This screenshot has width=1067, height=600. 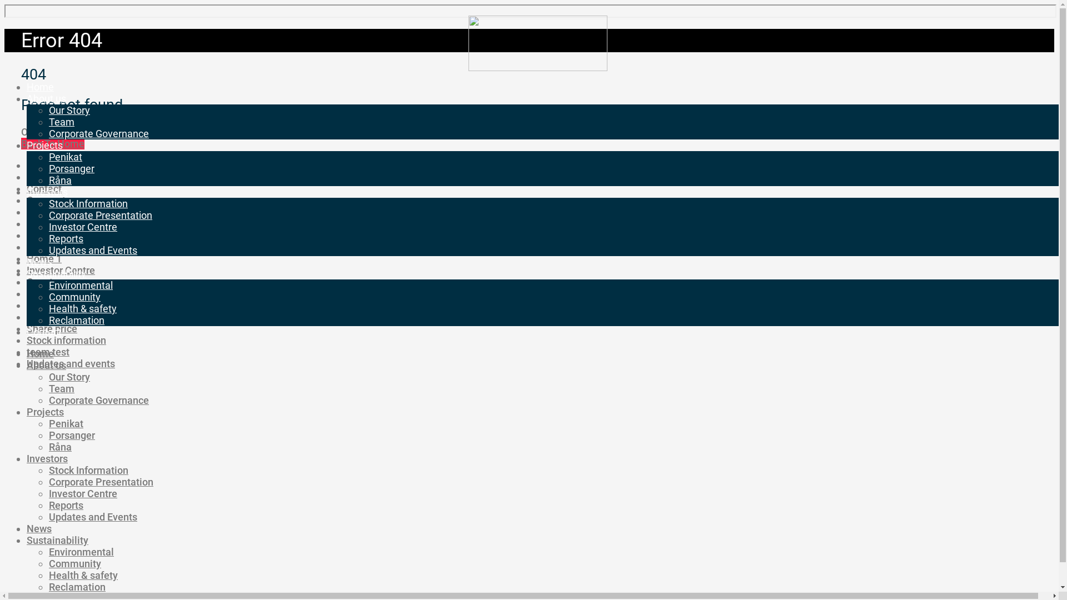 I want to click on 'Stock Information', so click(x=87, y=203).